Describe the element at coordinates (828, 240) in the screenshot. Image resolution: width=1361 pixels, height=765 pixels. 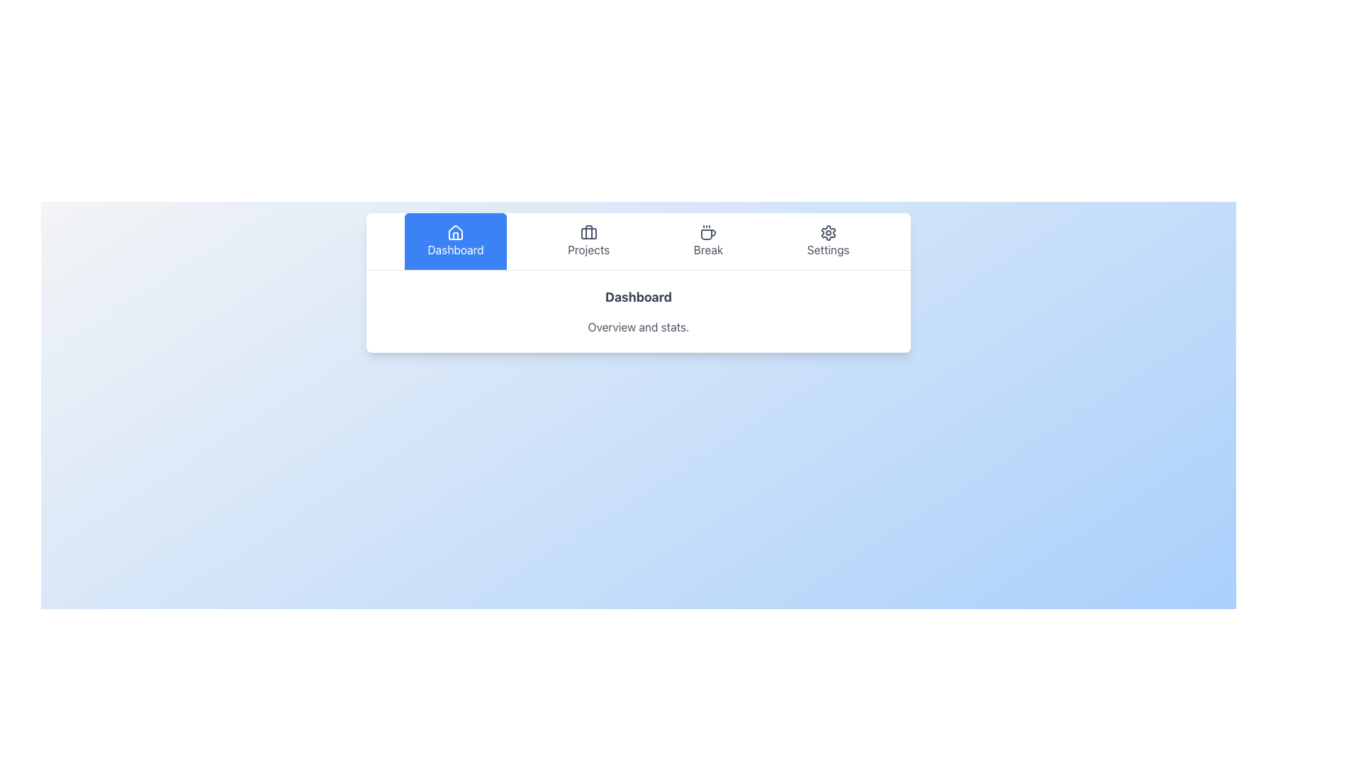
I see `the 'Settings' icon and label located in the navigation bar` at that location.